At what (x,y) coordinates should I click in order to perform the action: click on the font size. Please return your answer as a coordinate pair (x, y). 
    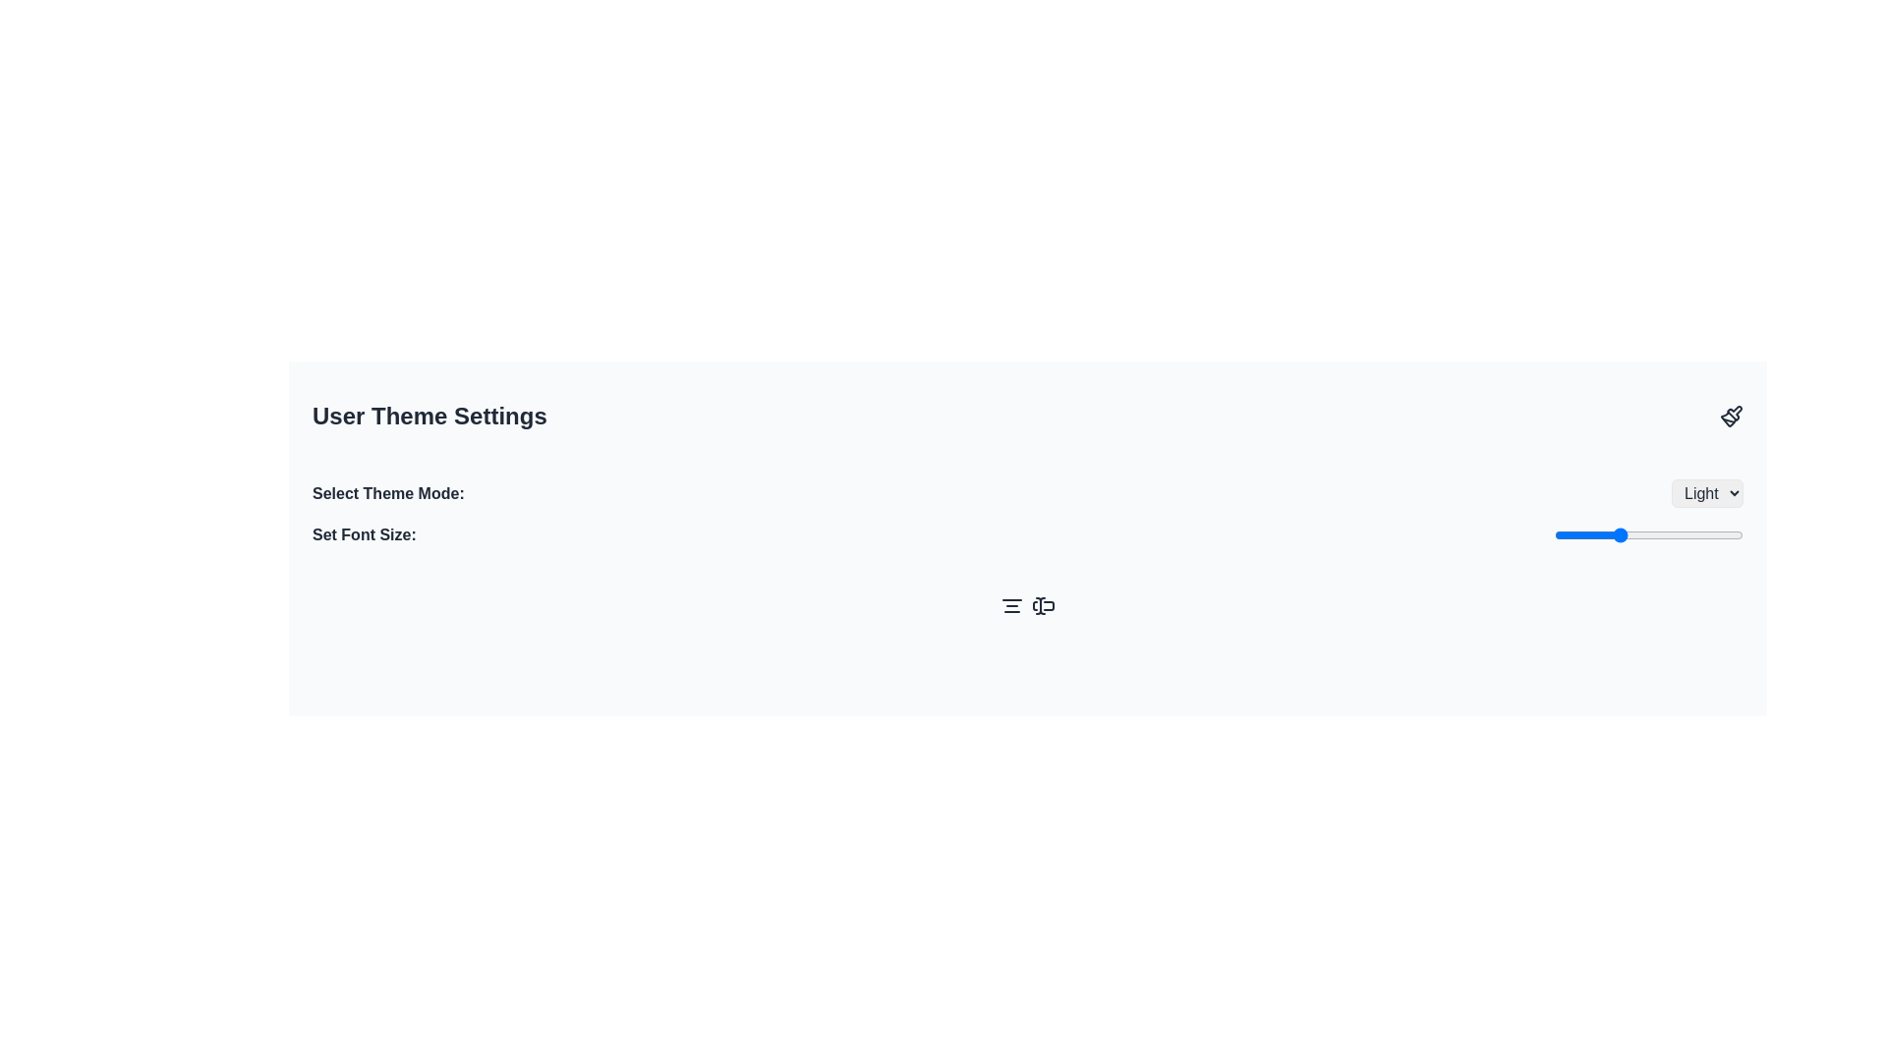
    Looking at the image, I should click on (1618, 534).